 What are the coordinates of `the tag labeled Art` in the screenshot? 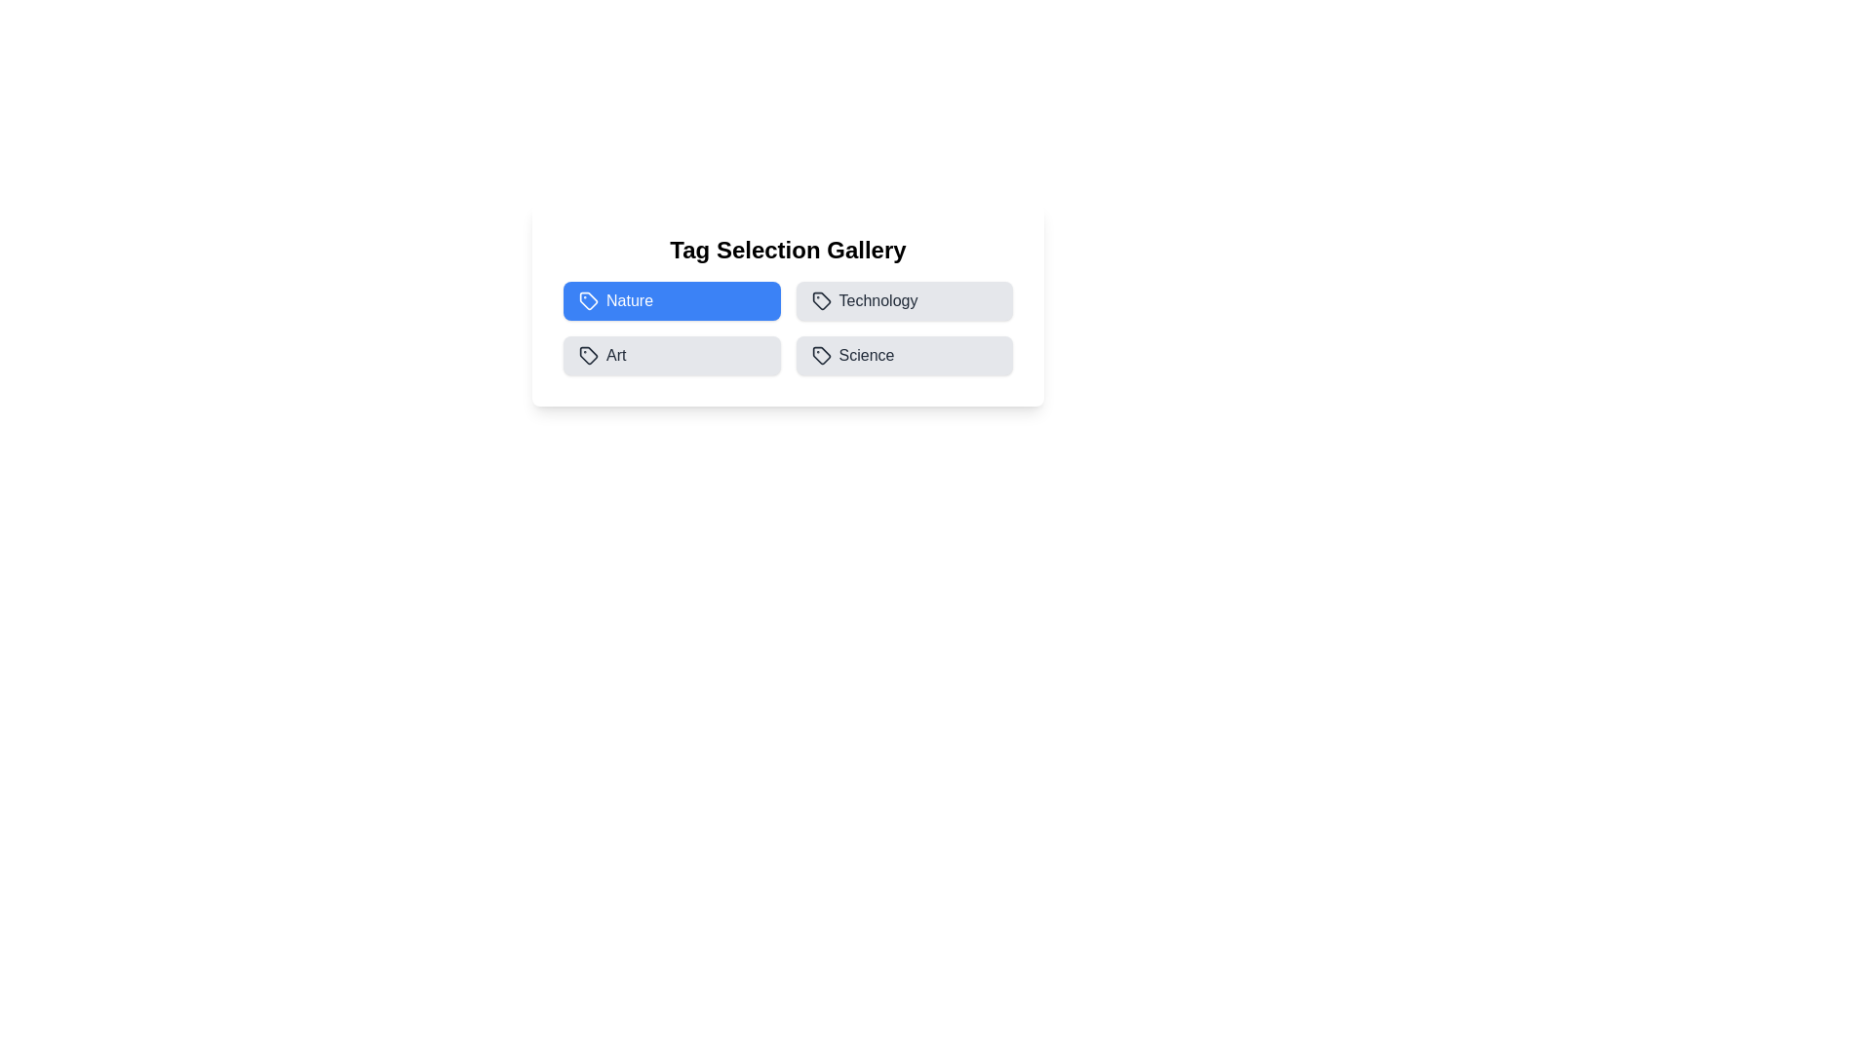 It's located at (672, 356).